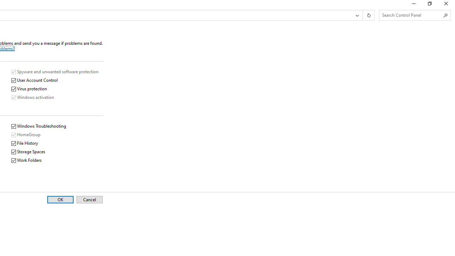  What do you see at coordinates (55, 72) in the screenshot?
I see `'Spyware and unwanted software protection'` at bounding box center [55, 72].